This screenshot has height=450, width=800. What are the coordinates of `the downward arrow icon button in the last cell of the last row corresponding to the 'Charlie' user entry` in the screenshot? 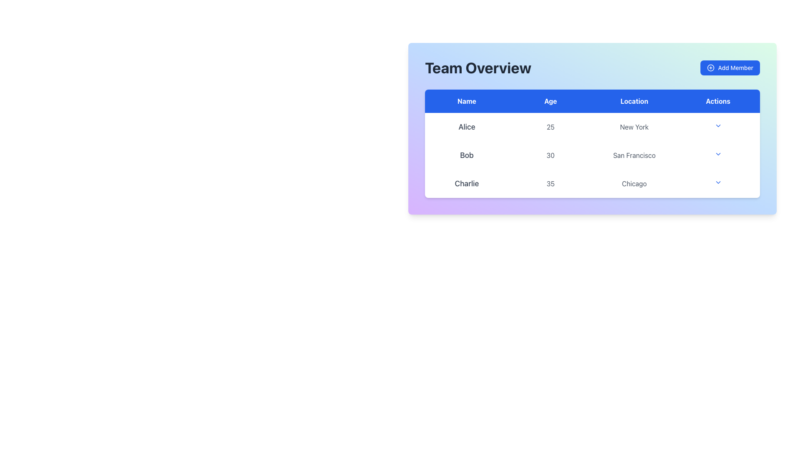 It's located at (717, 183).